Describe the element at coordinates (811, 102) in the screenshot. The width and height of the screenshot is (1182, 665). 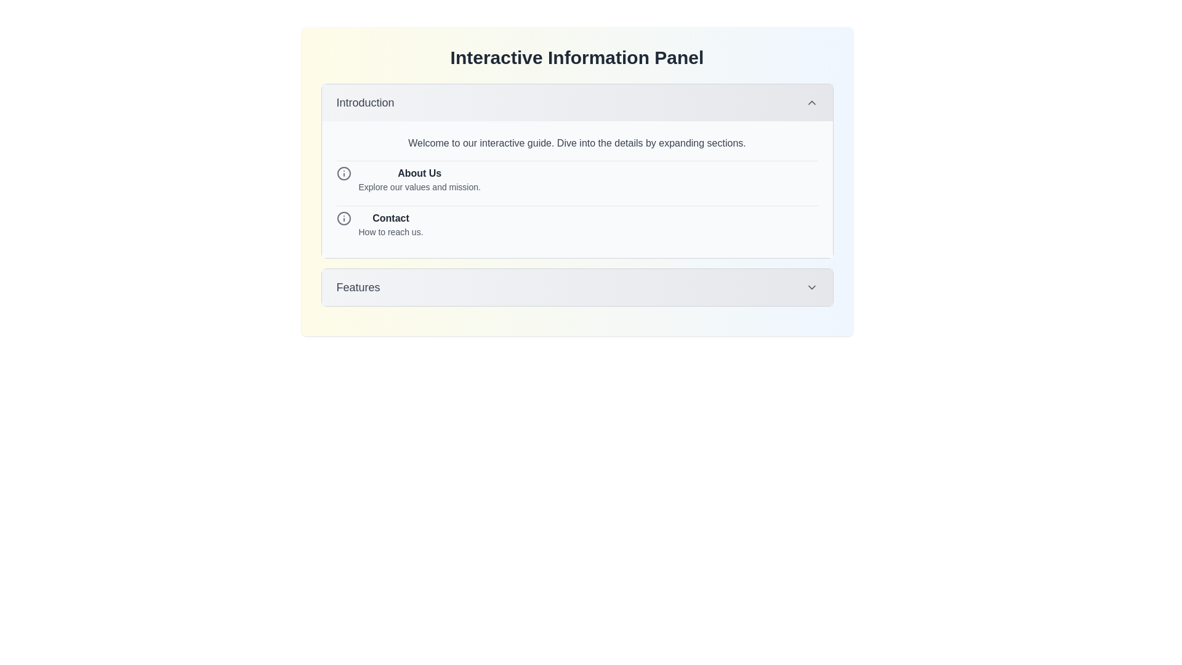
I see `the upwards-pointing chevron icon located at the far right of the 'Introduction' section header` at that location.